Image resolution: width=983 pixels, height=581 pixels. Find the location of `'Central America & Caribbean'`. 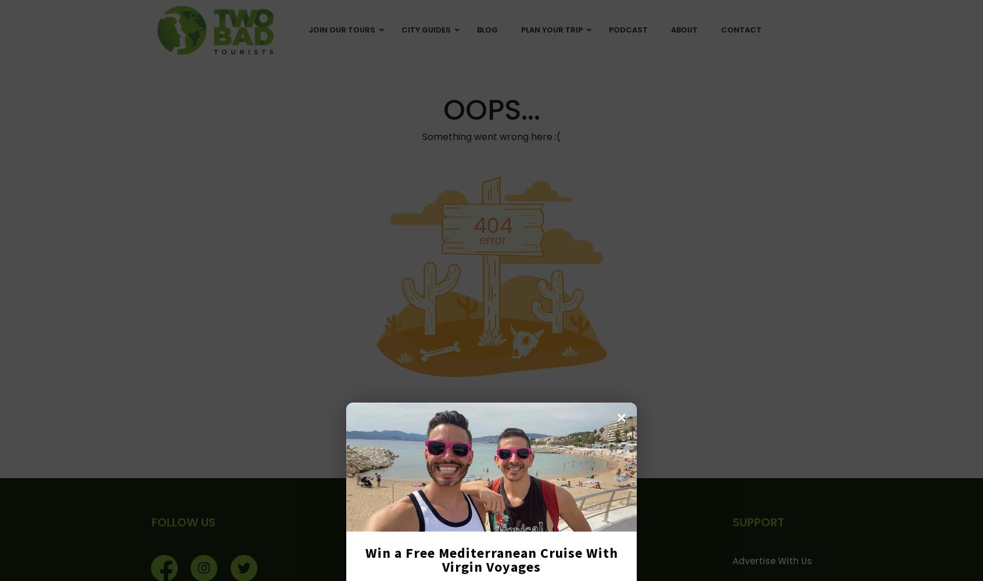

'Central America & Caribbean' is located at coordinates (308, 99).